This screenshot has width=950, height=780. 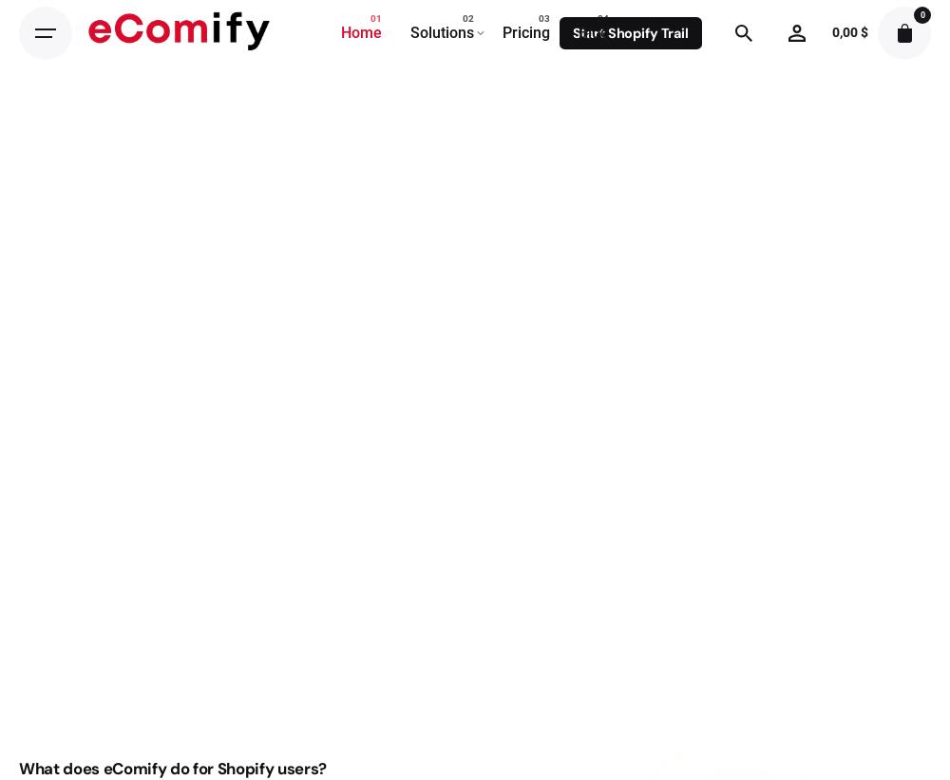 What do you see at coordinates (846, 31) in the screenshot?
I see `'0,00'` at bounding box center [846, 31].